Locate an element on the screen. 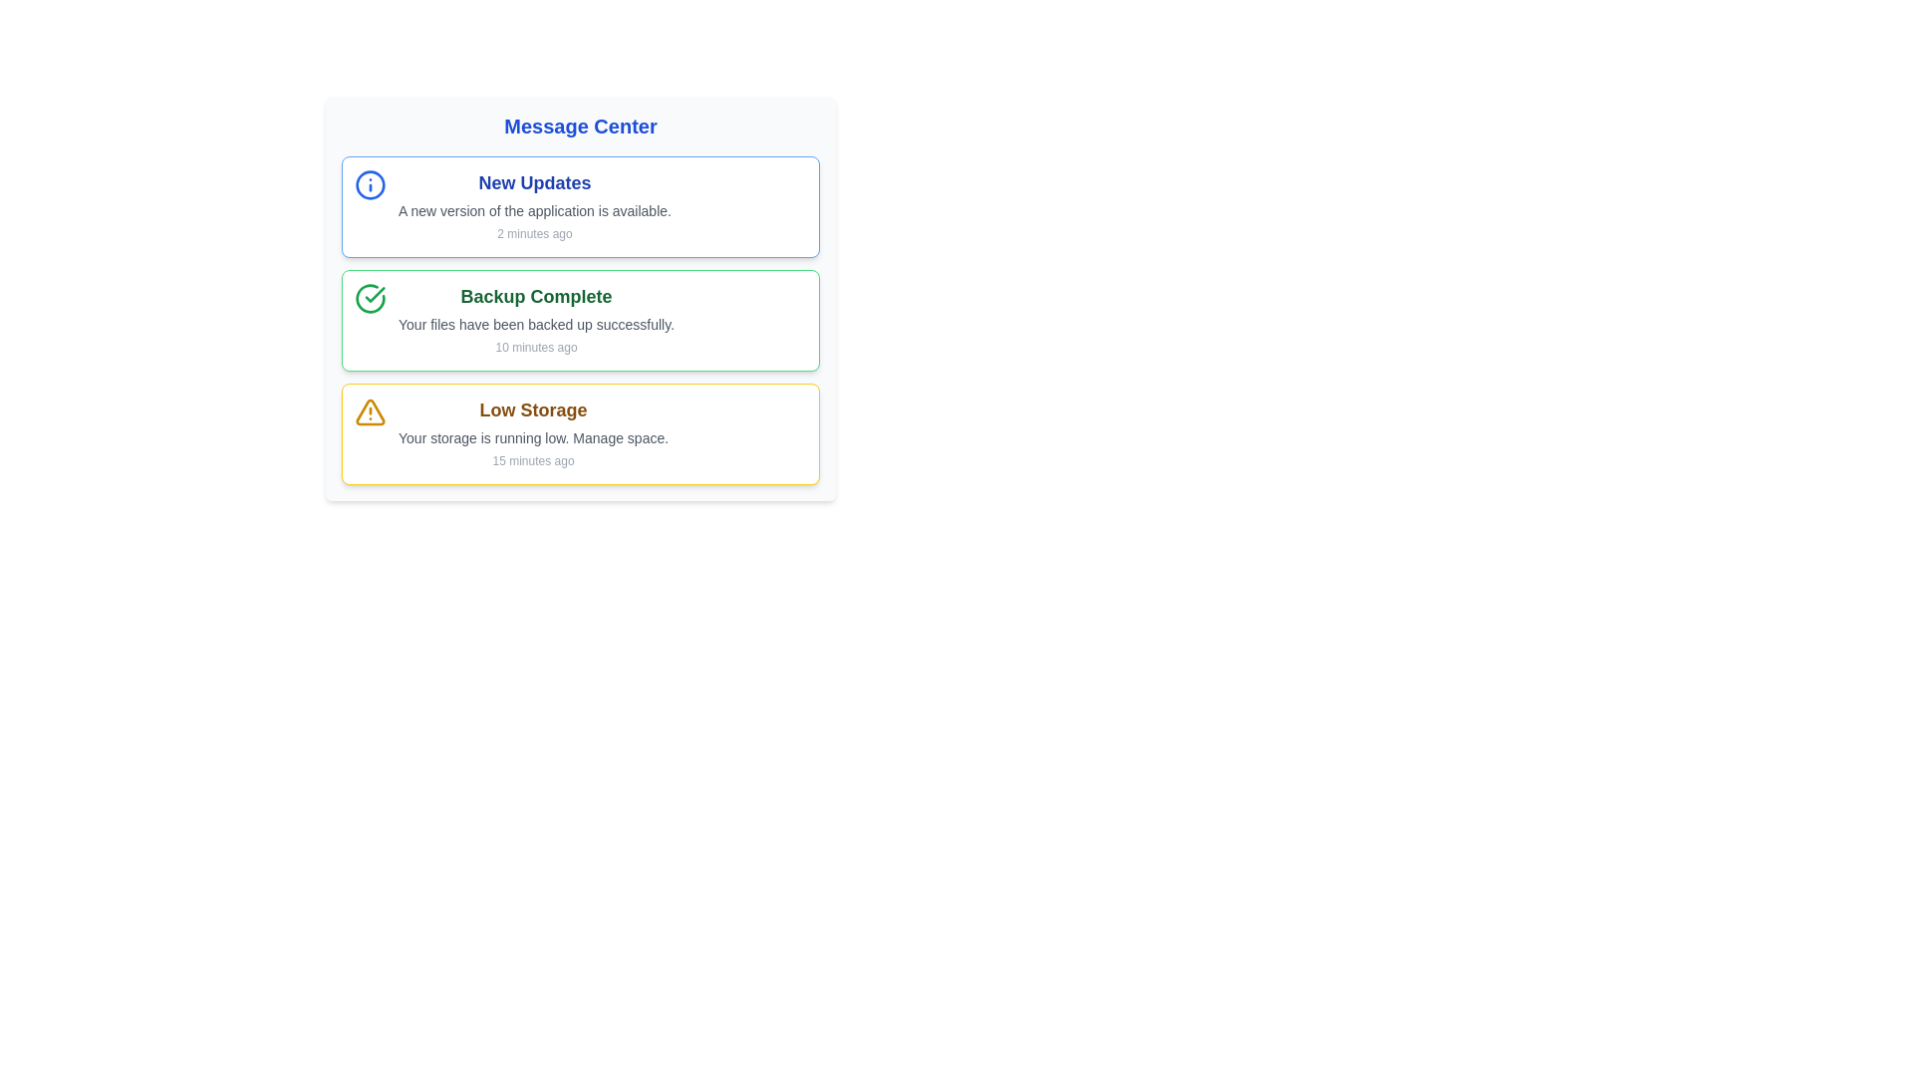 The height and width of the screenshot is (1076, 1913). the timestamp text indicating when the 'Low Storage' notification was created or last updated, located at the bottom of the third notification box in the 'Message Center' is located at coordinates (533, 460).